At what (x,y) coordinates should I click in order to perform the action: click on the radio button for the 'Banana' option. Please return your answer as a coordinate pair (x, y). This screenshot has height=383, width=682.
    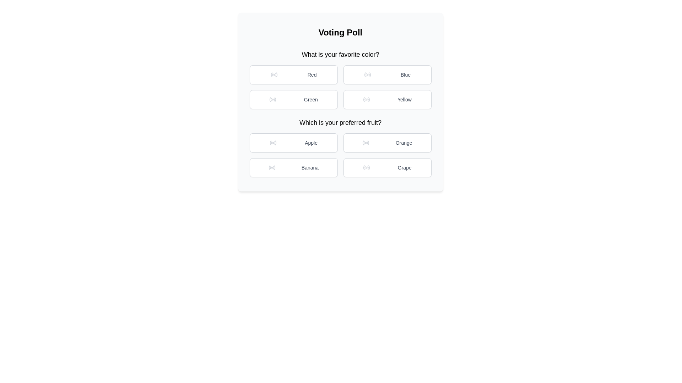
    Looking at the image, I should click on (271, 168).